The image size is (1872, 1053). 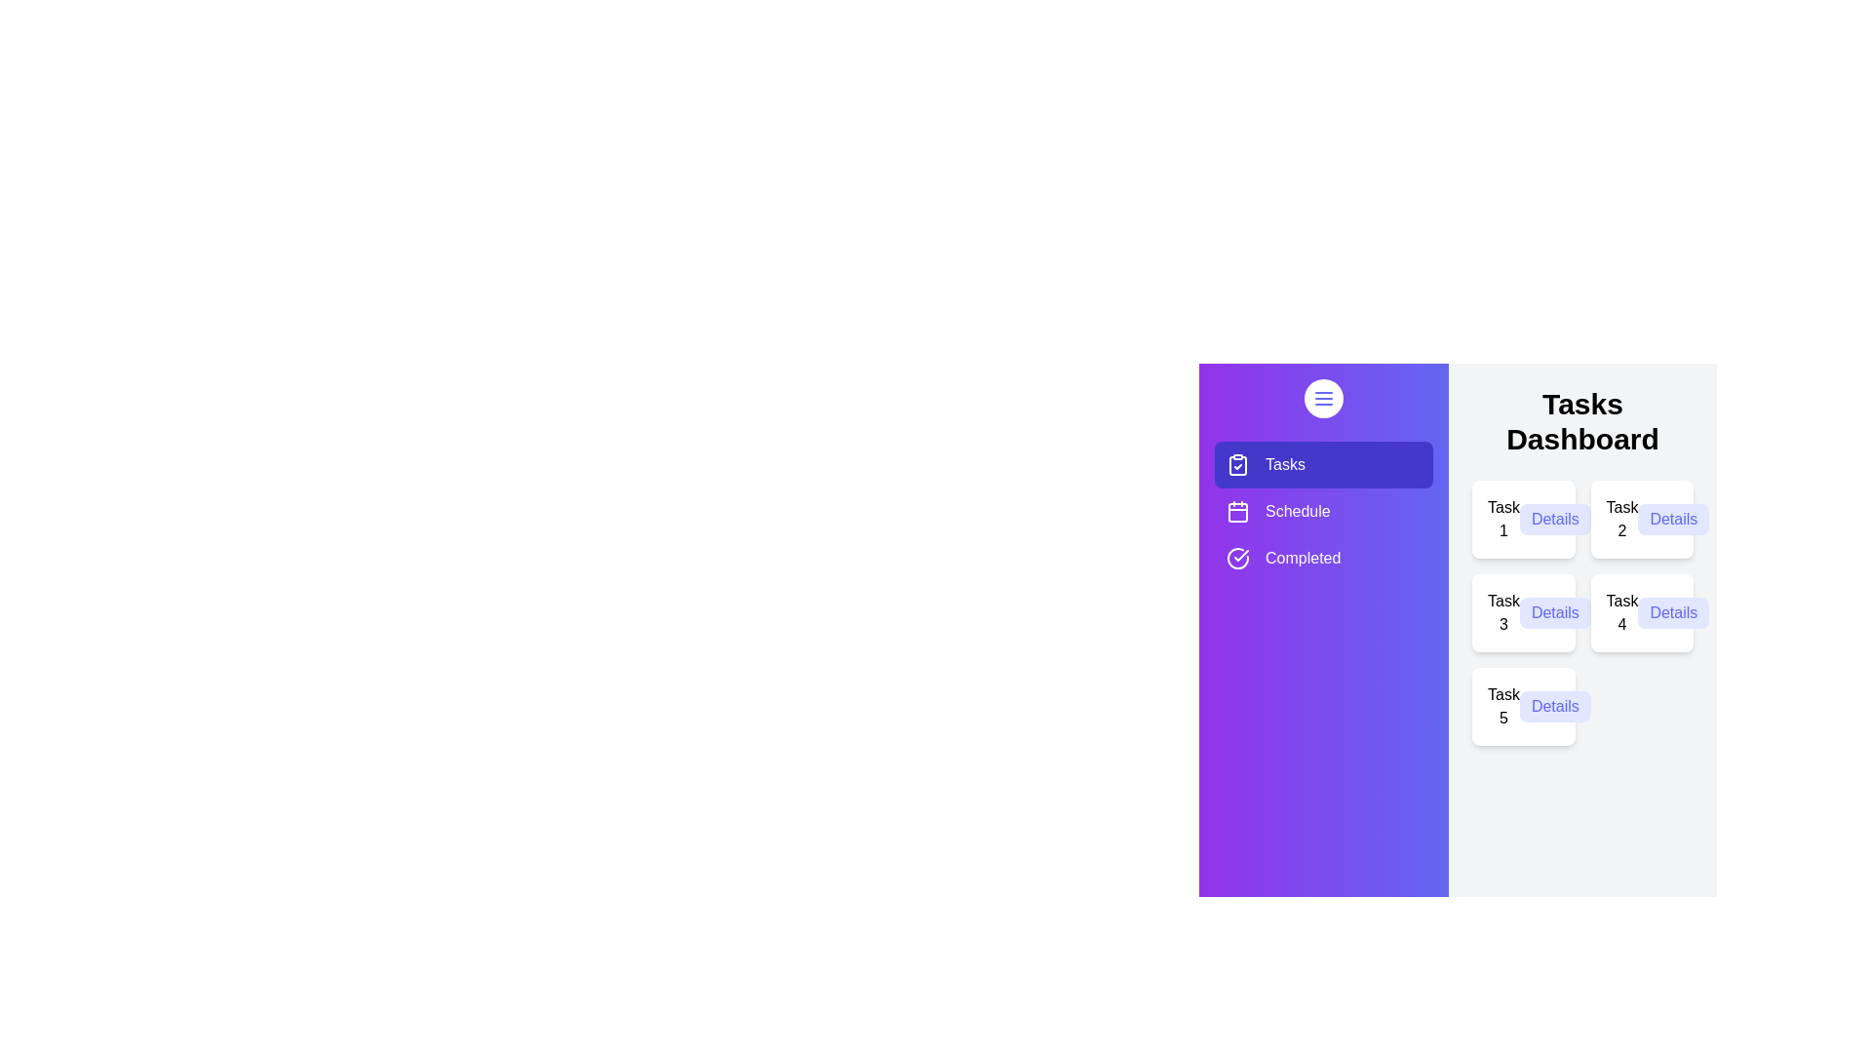 I want to click on the Tasks tab in the sidebar, so click(x=1324, y=465).